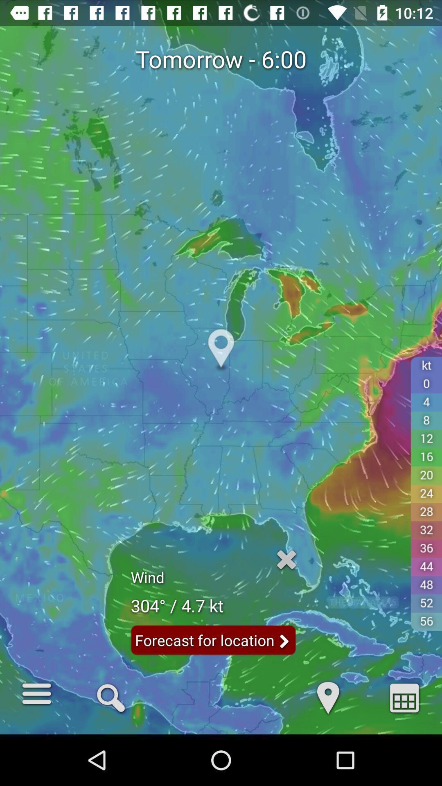  What do you see at coordinates (111, 697) in the screenshot?
I see `the icon to the right of d item` at bounding box center [111, 697].